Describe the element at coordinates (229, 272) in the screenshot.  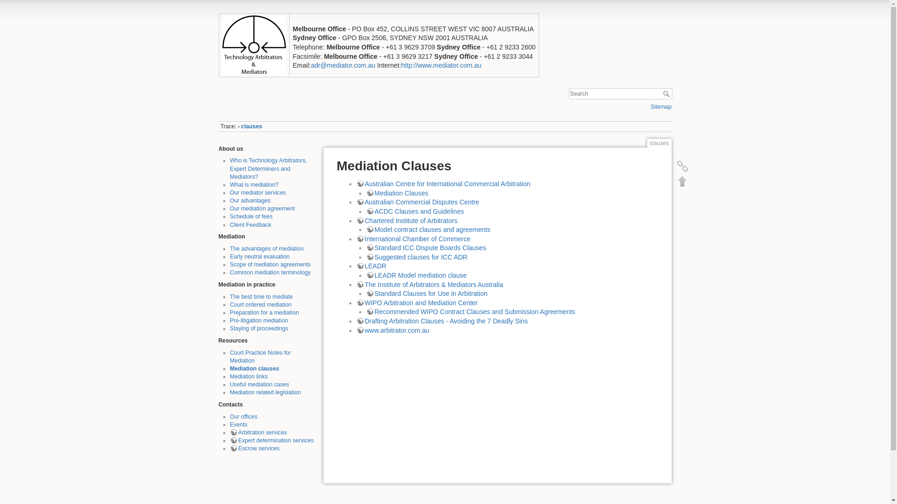
I see `'Common mediation terminology'` at that location.